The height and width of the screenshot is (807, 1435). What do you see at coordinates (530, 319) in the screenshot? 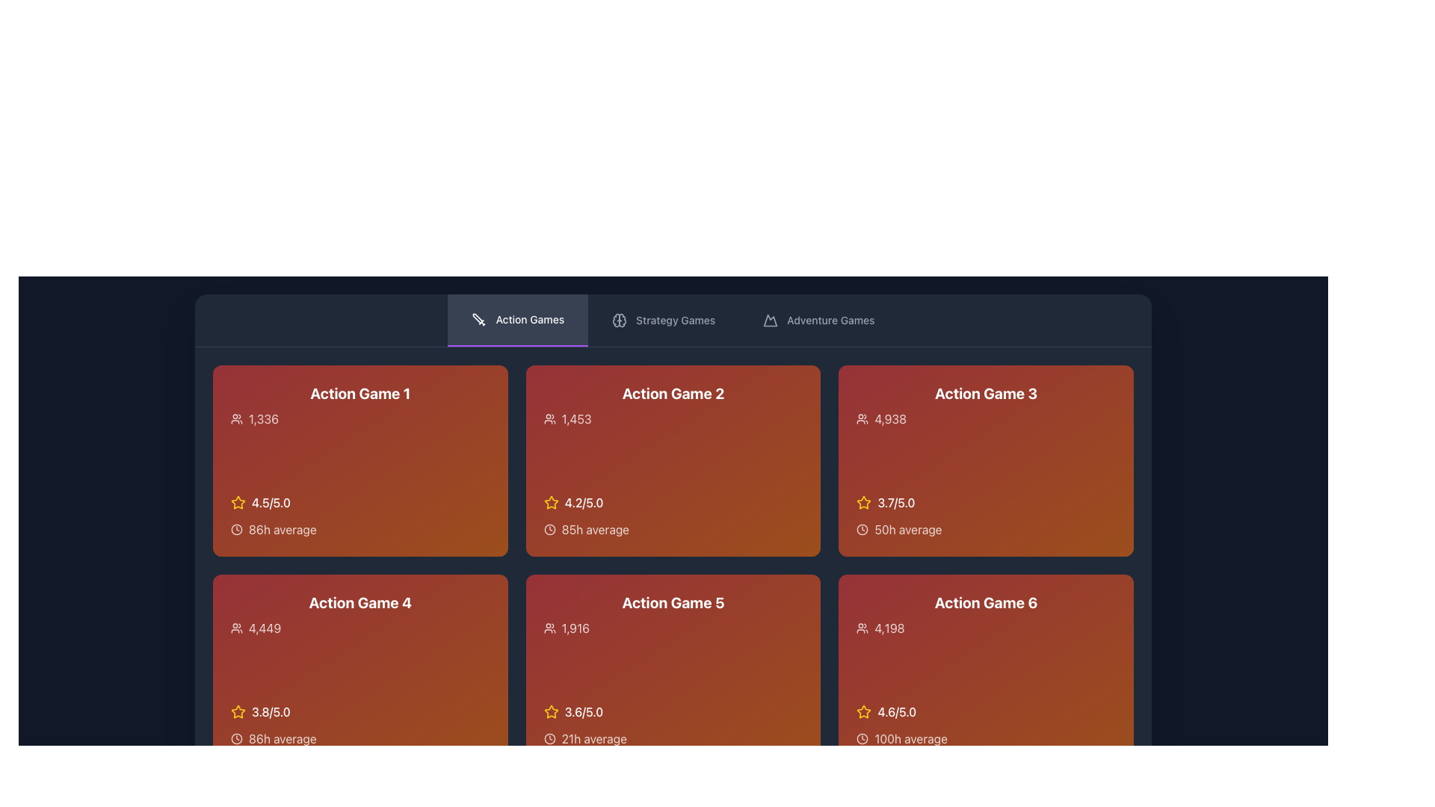
I see `the 'Action Games' static text label displayed in white font on a gray background` at bounding box center [530, 319].